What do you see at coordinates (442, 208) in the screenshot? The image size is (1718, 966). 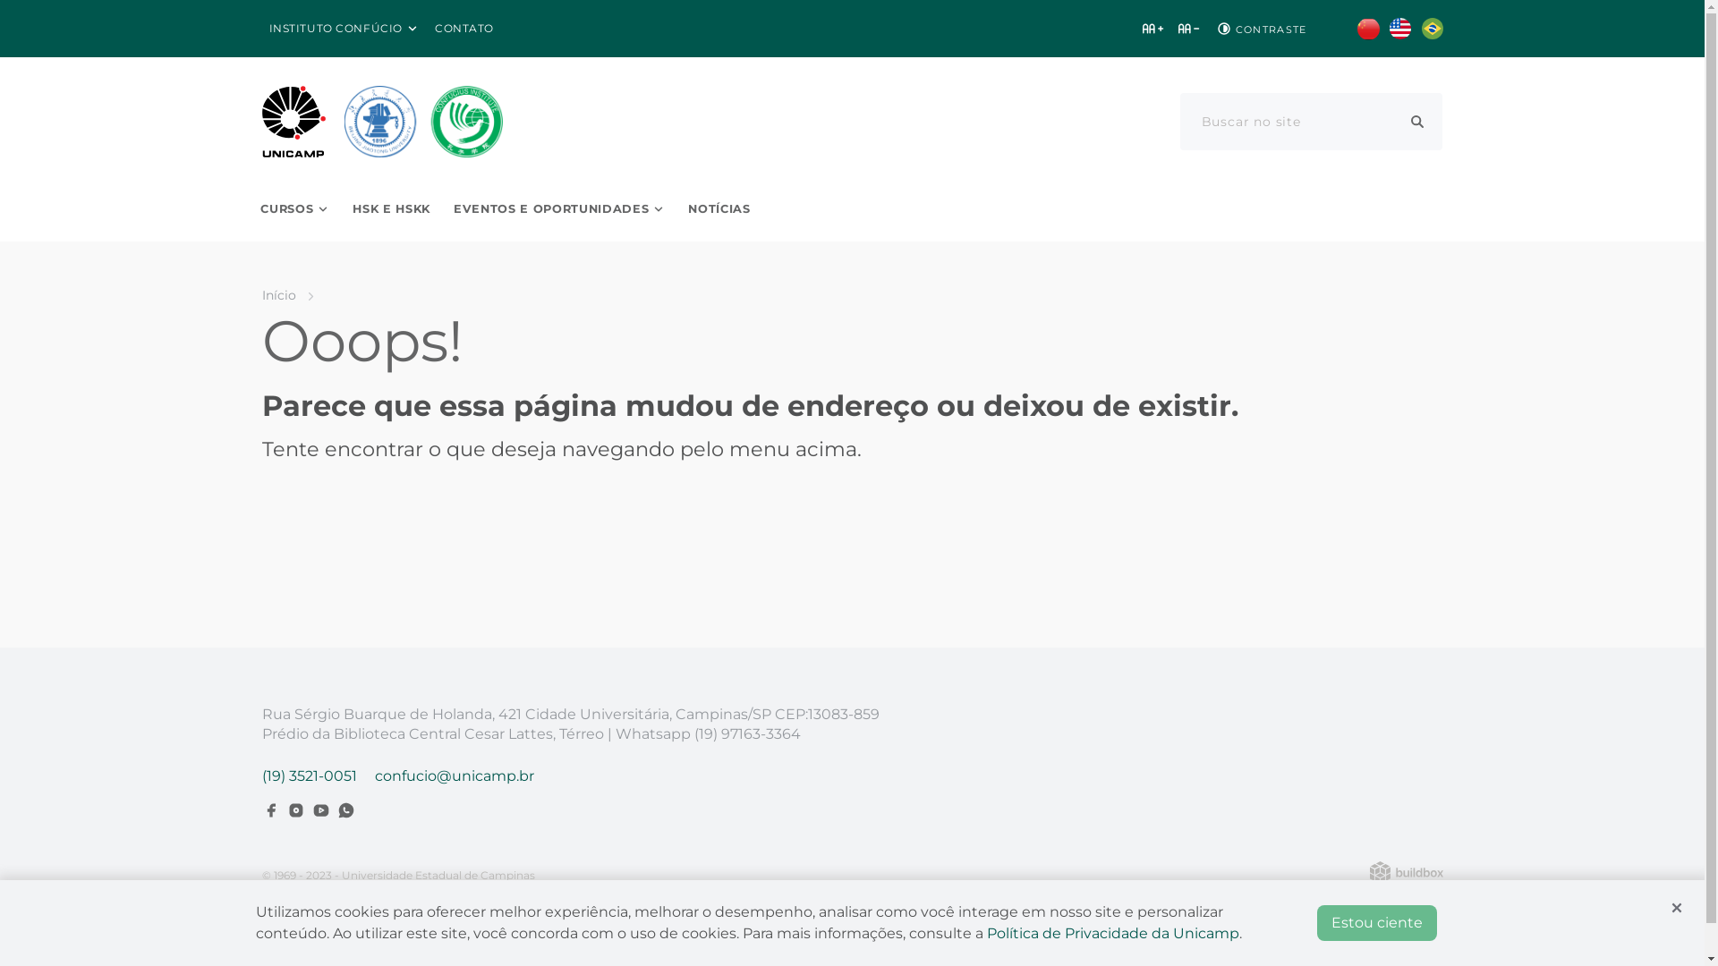 I see `'EVENTOS E OPORTUNIDADES'` at bounding box center [442, 208].